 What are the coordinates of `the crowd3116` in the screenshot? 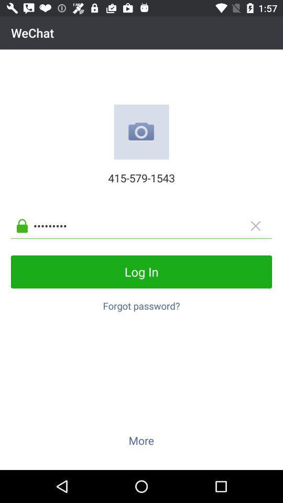 It's located at (149, 226).